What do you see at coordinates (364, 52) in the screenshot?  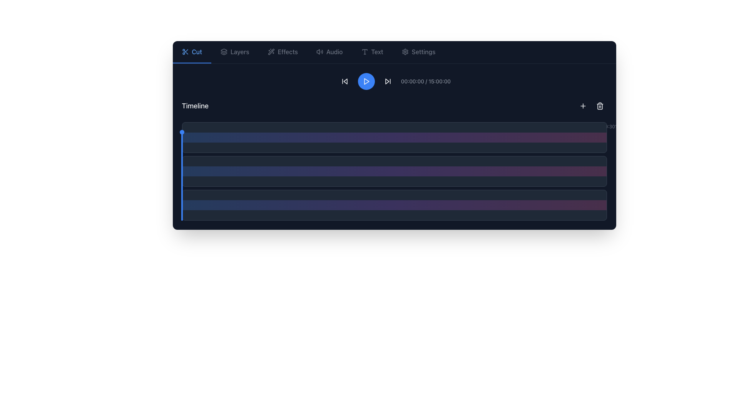 I see `the 'T' icon representing text functionality located at the top center of the interface, positioned within a button-like structure labeled 'Text'` at bounding box center [364, 52].